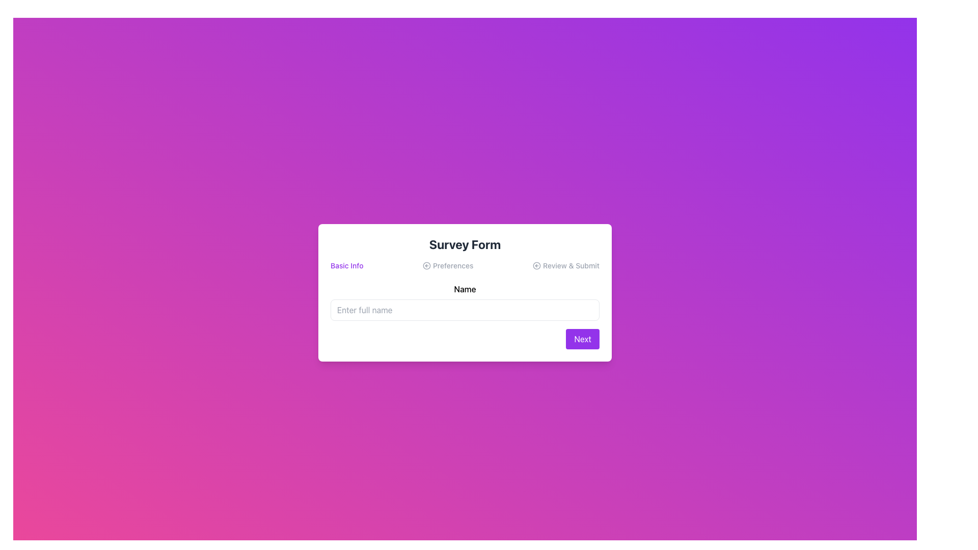  What do you see at coordinates (565, 265) in the screenshot?
I see `the 'Review & Submit' text label, which is a small gray font element located at the upper-right section of the white form card, positioned next to the 'Preferences' option` at bounding box center [565, 265].